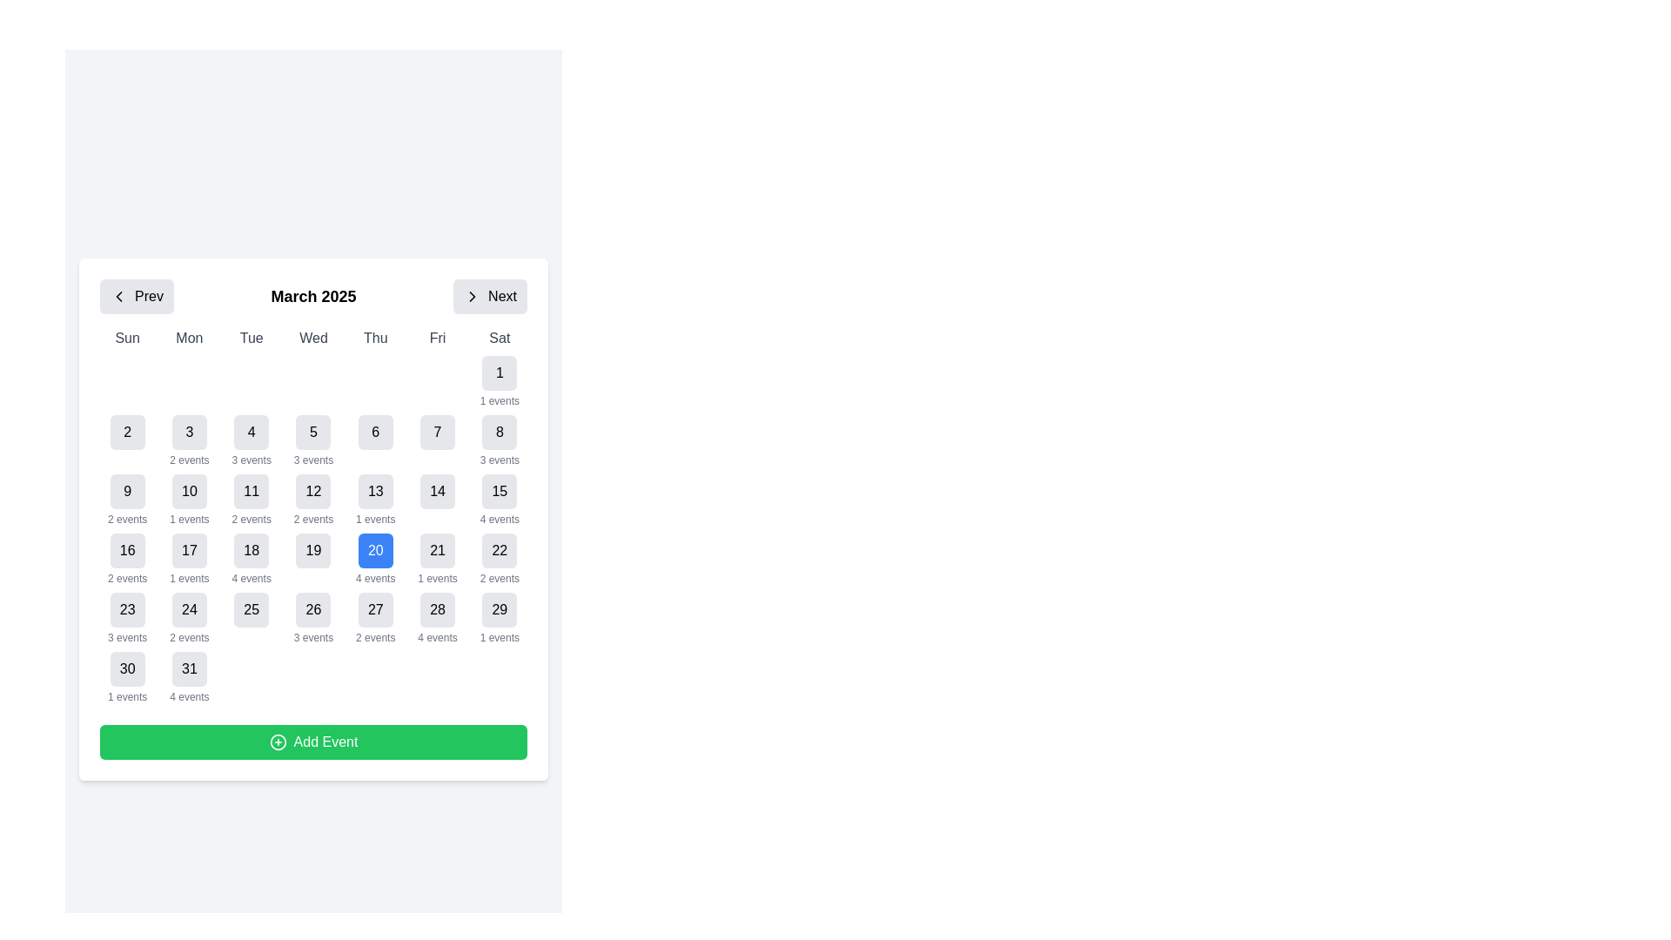 The image size is (1671, 940). Describe the element at coordinates (313, 609) in the screenshot. I see `the button representing the 26th date` at that location.